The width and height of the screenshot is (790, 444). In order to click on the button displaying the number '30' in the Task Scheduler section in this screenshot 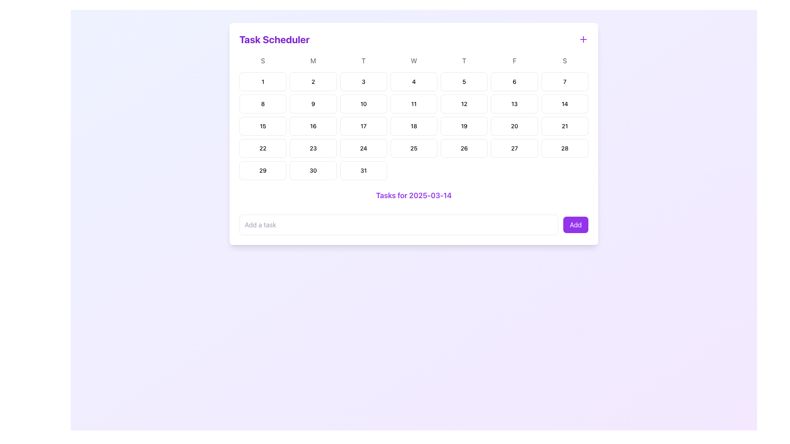, I will do `click(313, 170)`.